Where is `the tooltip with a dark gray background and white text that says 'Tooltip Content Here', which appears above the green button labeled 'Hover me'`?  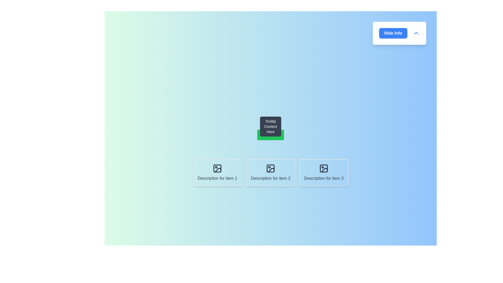 the tooltip with a dark gray background and white text that says 'Tooltip Content Here', which appears above the green button labeled 'Hover me' is located at coordinates (270, 126).